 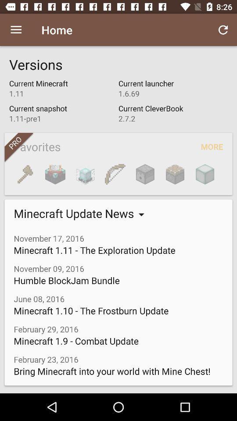 What do you see at coordinates (55, 174) in the screenshot?
I see `icon below favorites` at bounding box center [55, 174].